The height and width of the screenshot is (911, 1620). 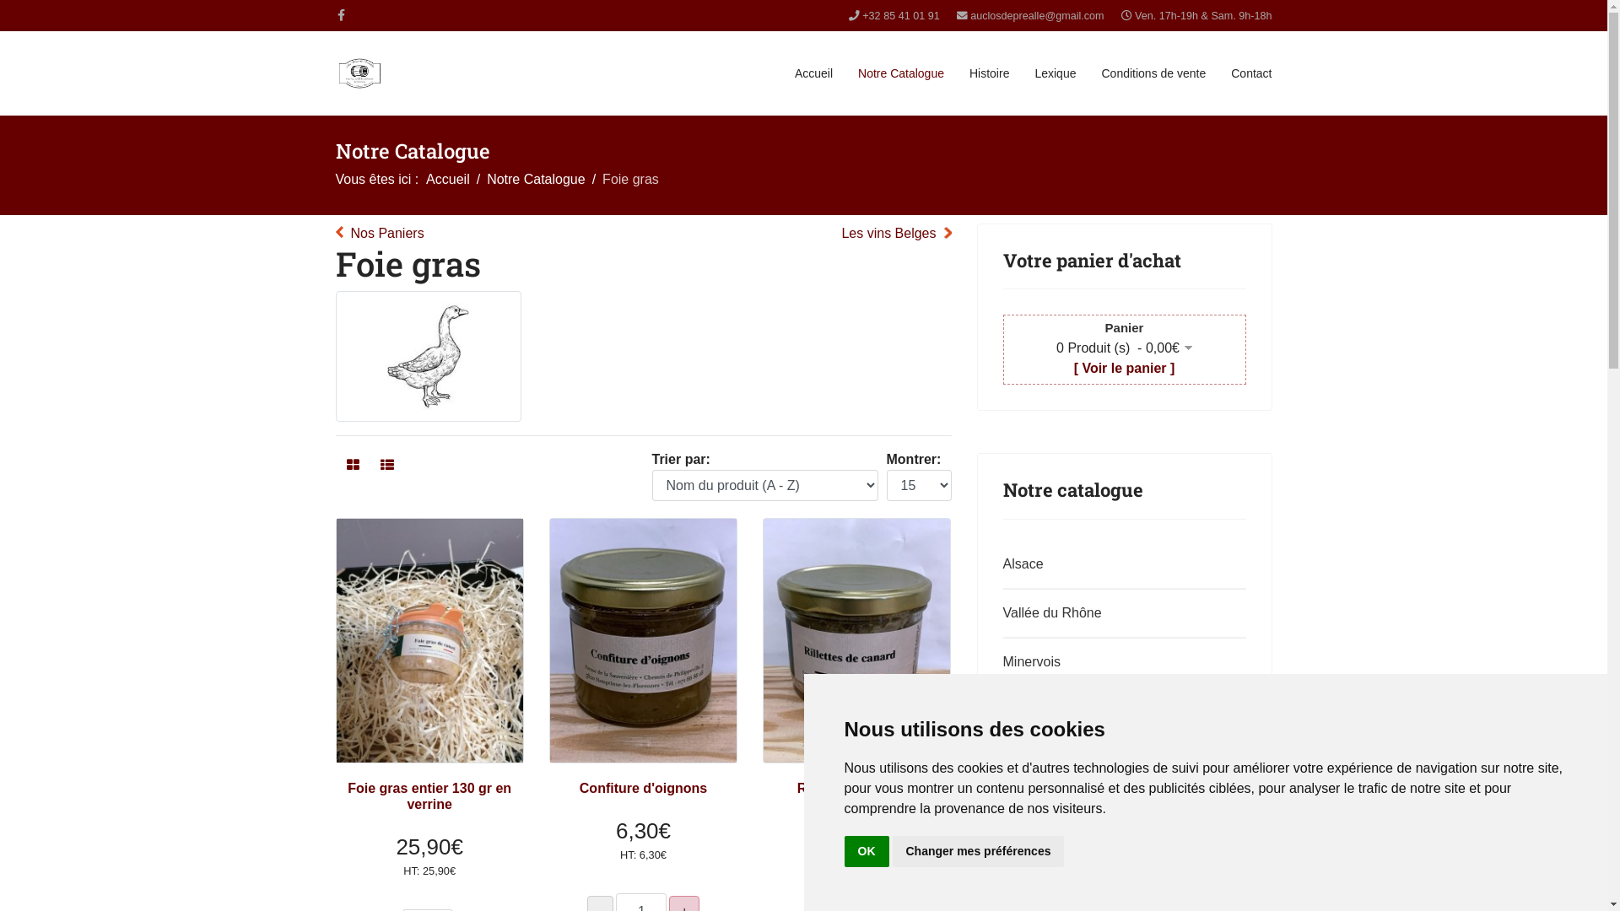 I want to click on 'Contact', so click(x=1251, y=73).